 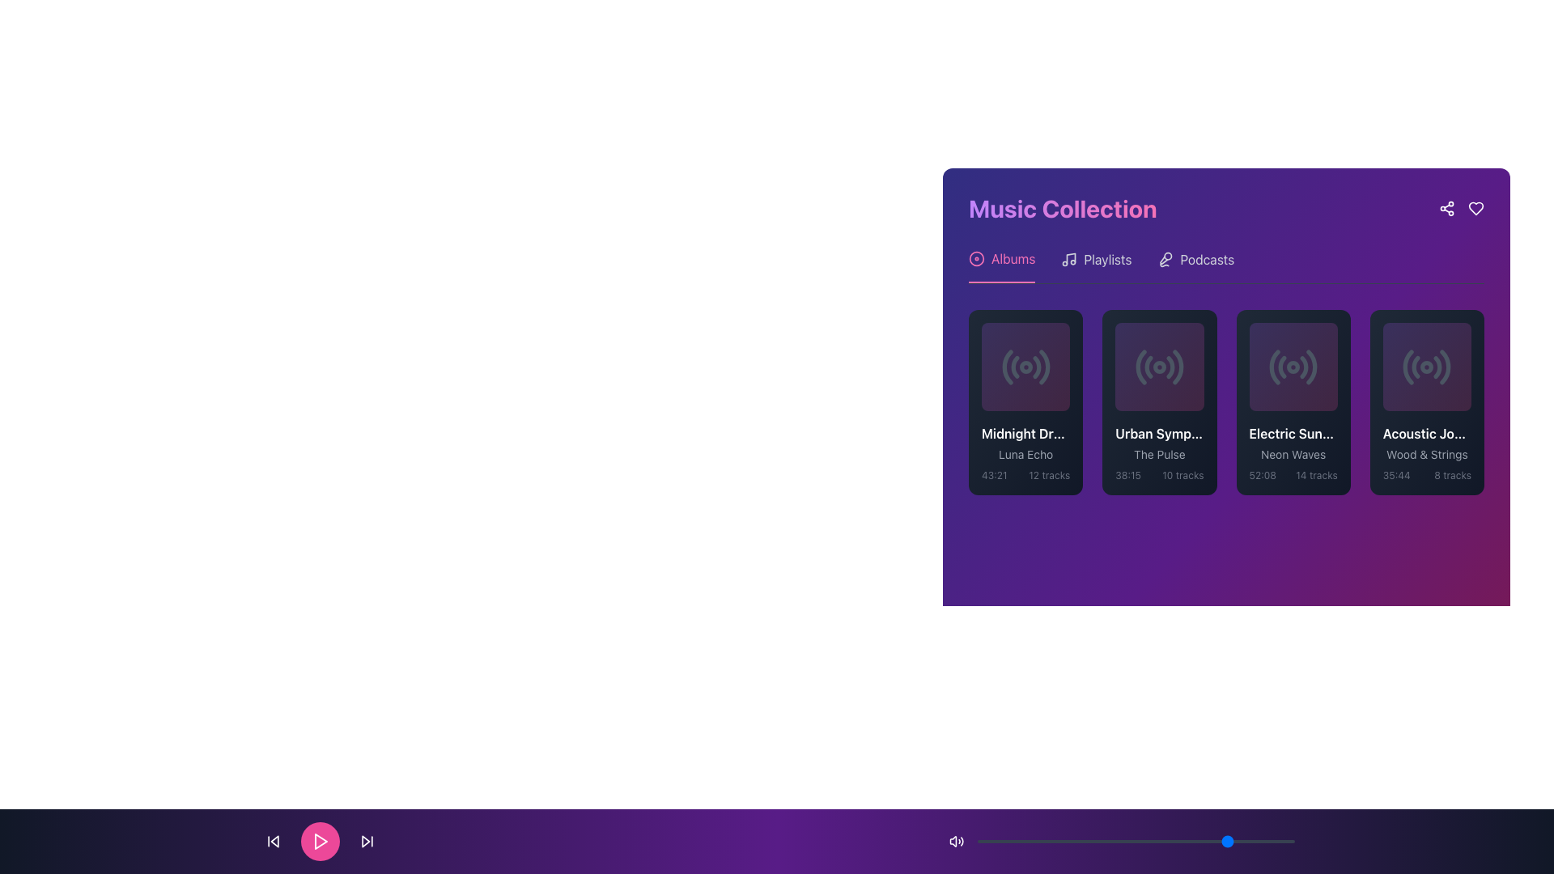 What do you see at coordinates (1158, 433) in the screenshot?
I see `text label that serves as the title for the music playlist named 'Urban Symphony' located in the second card of the 'Music Collection' section` at bounding box center [1158, 433].